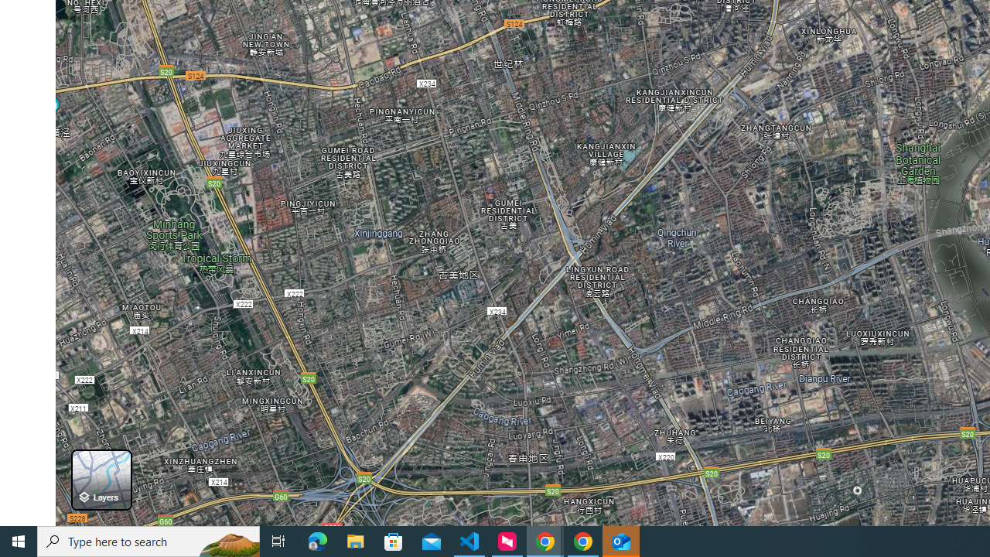  Describe the element at coordinates (101, 479) in the screenshot. I see `'Layers'` at that location.